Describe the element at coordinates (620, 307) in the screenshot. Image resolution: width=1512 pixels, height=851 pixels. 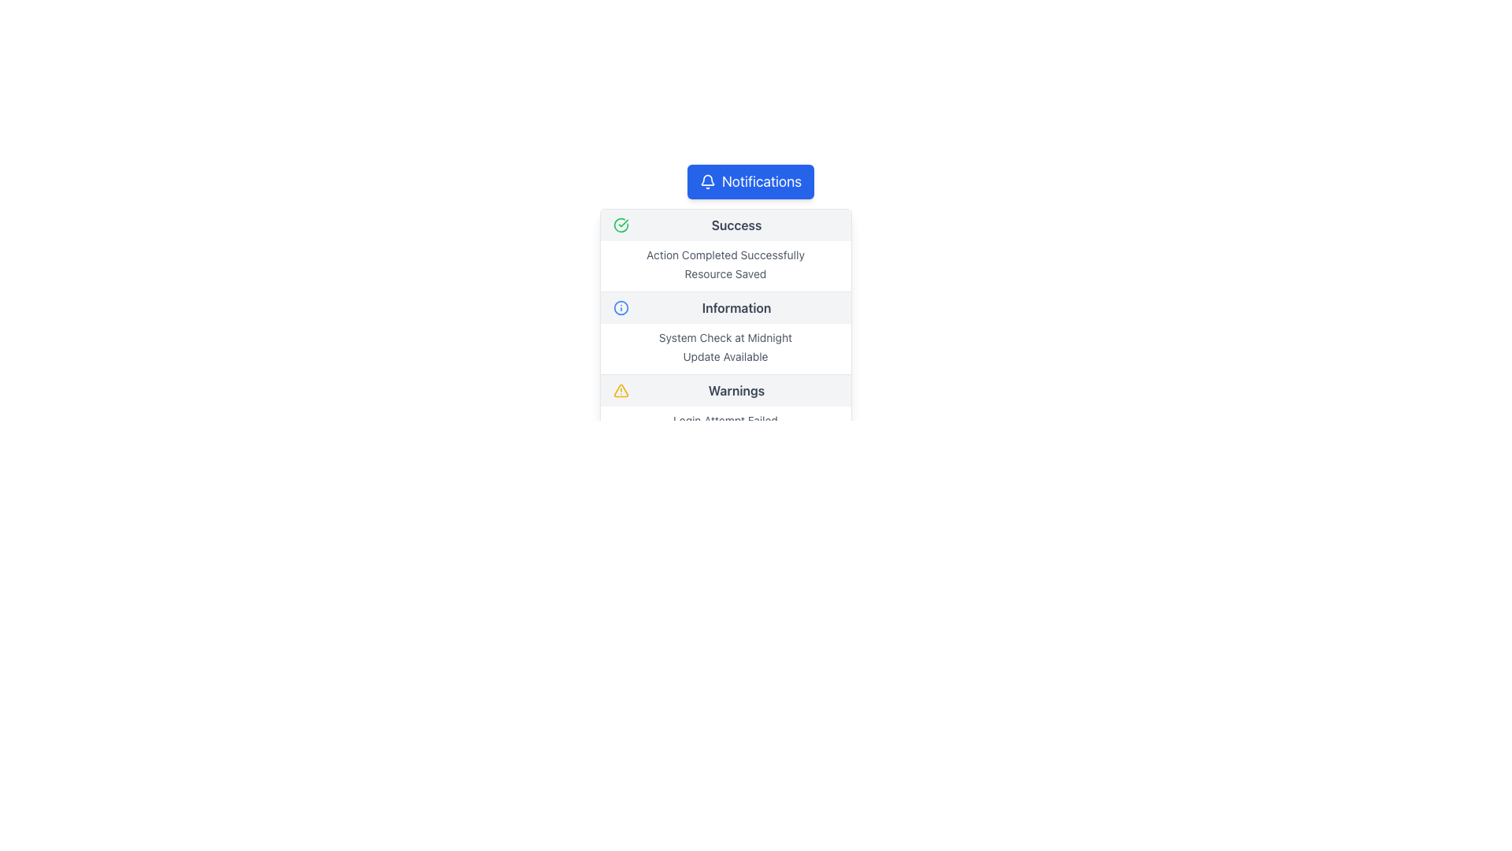
I see `the Vector Graphic Icon located in the 'Information' section, positioned left of the text 'System Check at Midnight'` at that location.